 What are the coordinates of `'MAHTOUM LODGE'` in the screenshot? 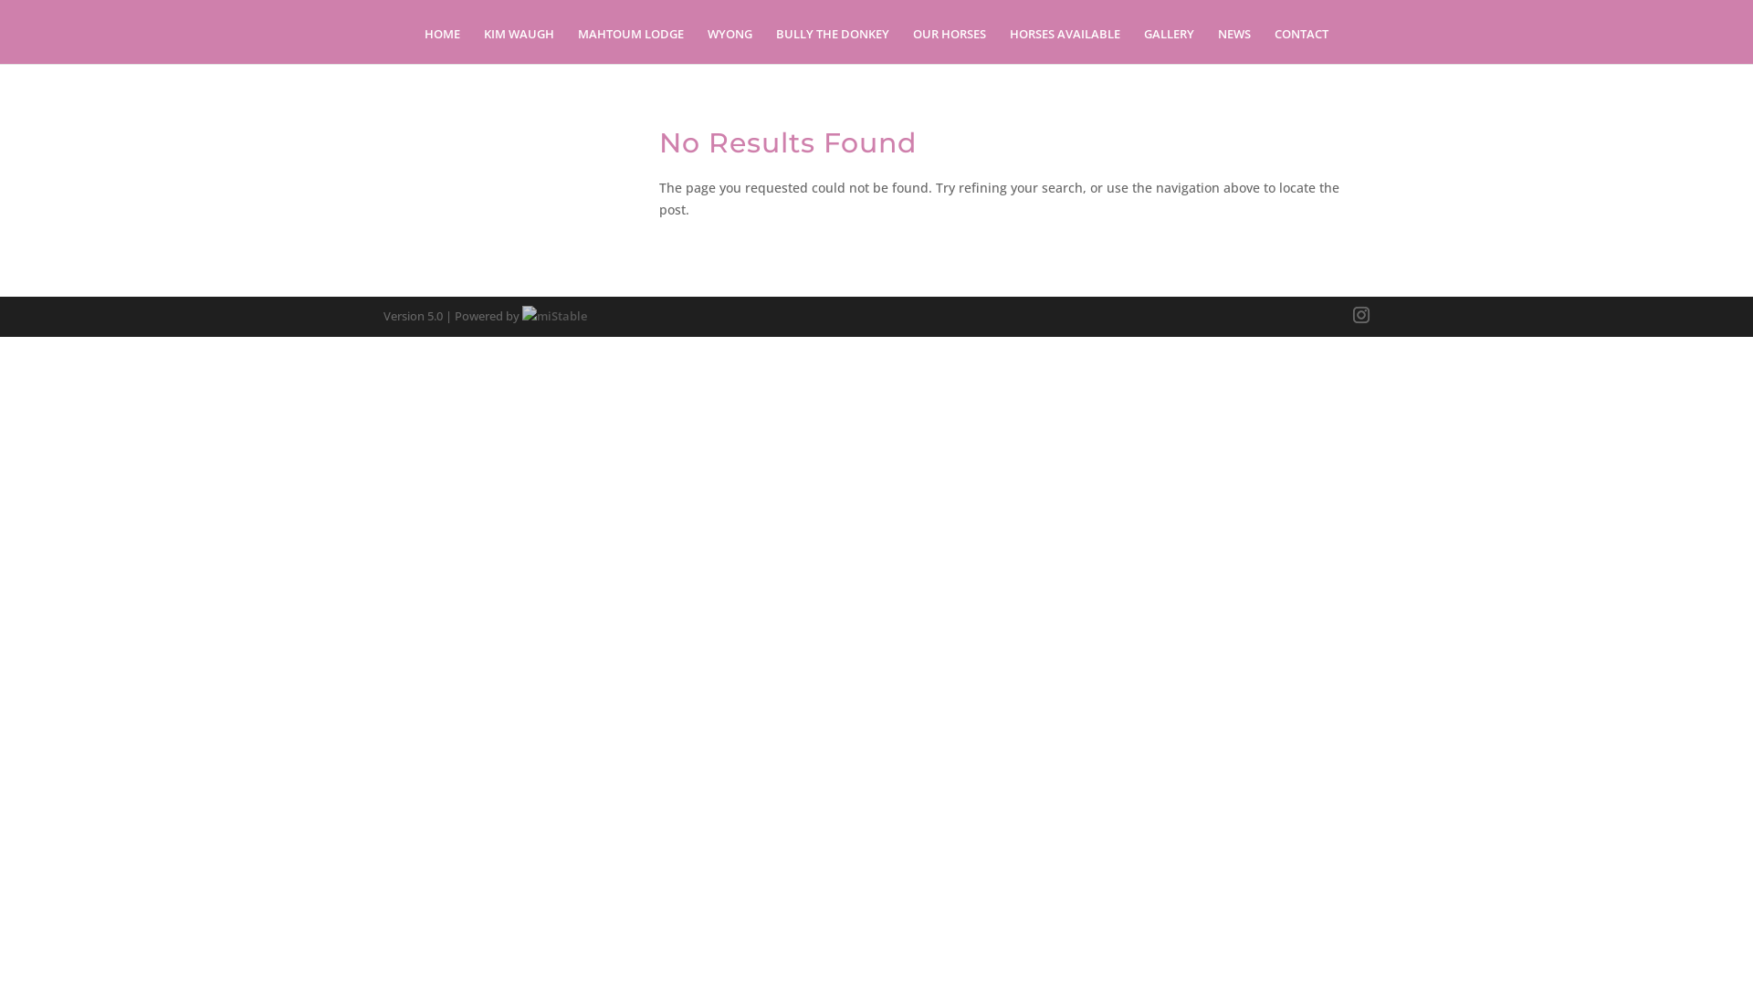 It's located at (631, 45).